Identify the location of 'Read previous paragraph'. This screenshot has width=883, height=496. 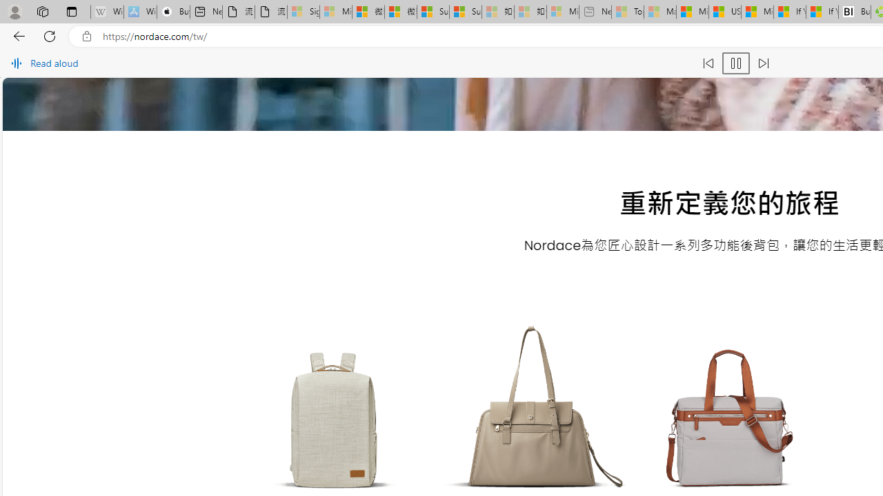
(708, 63).